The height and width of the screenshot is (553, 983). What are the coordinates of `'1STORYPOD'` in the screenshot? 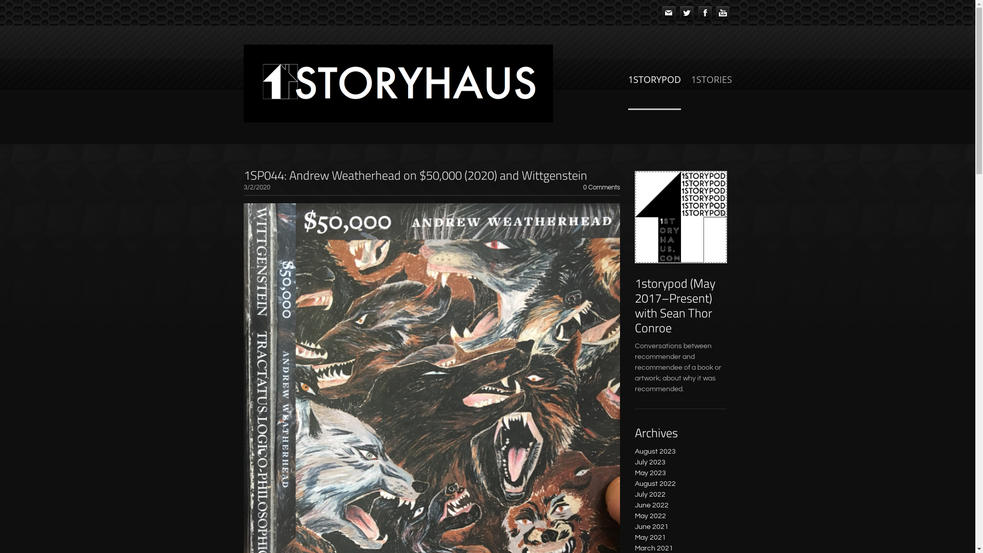 It's located at (653, 90).